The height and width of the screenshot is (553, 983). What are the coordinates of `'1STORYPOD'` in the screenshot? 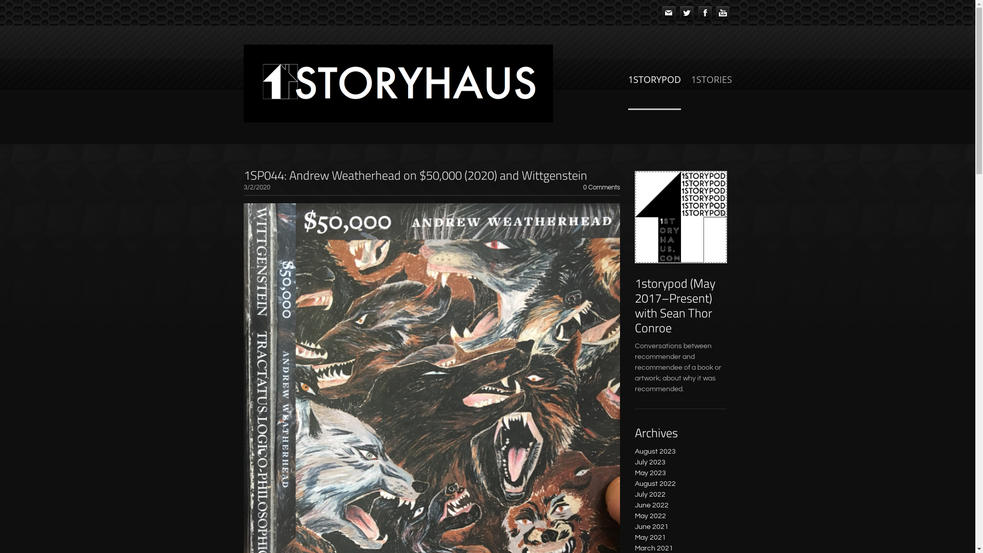 It's located at (653, 90).